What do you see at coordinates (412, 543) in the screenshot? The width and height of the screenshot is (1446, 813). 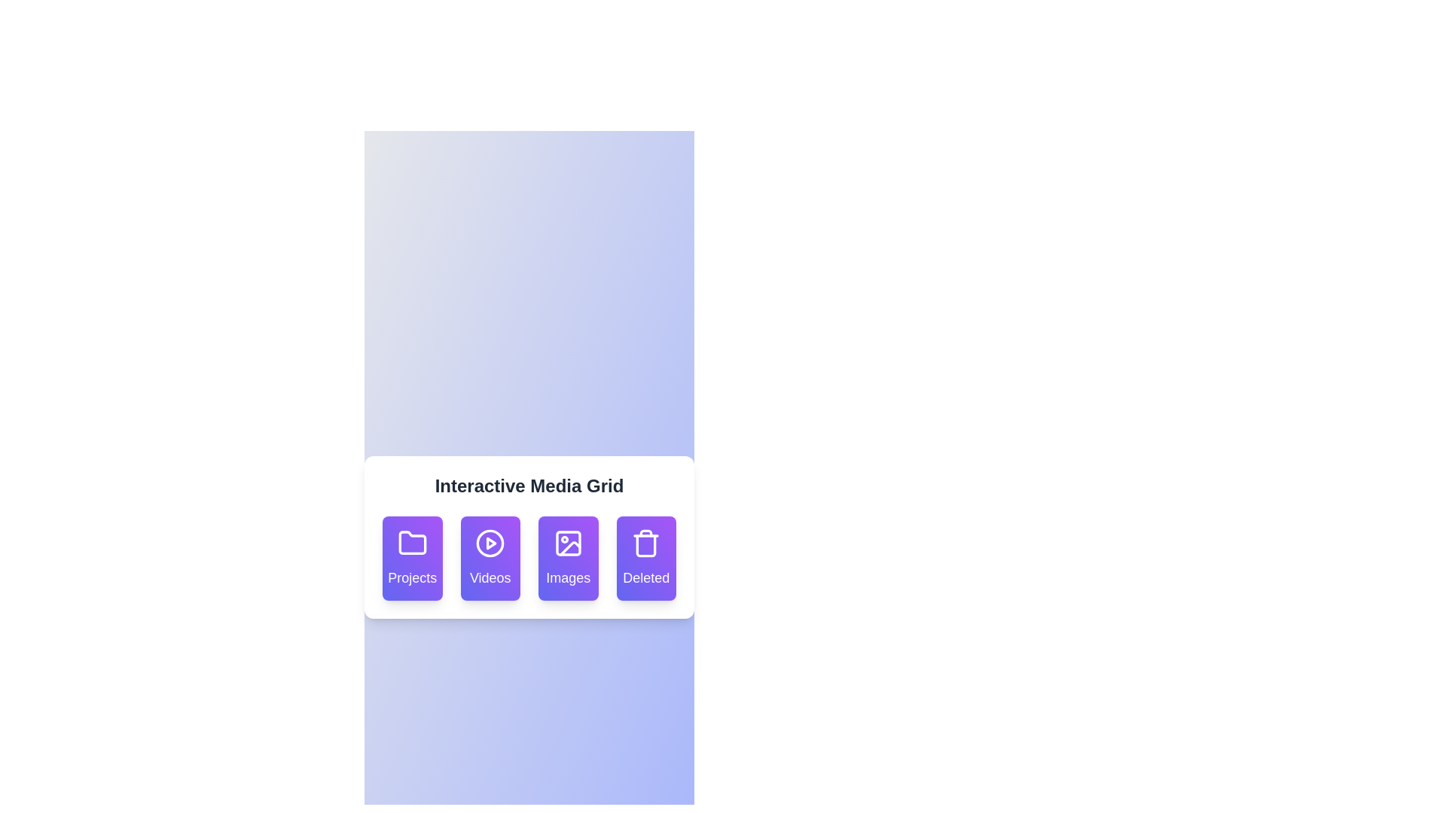 I see `the folder icon on the leftmost side of the row` at bounding box center [412, 543].